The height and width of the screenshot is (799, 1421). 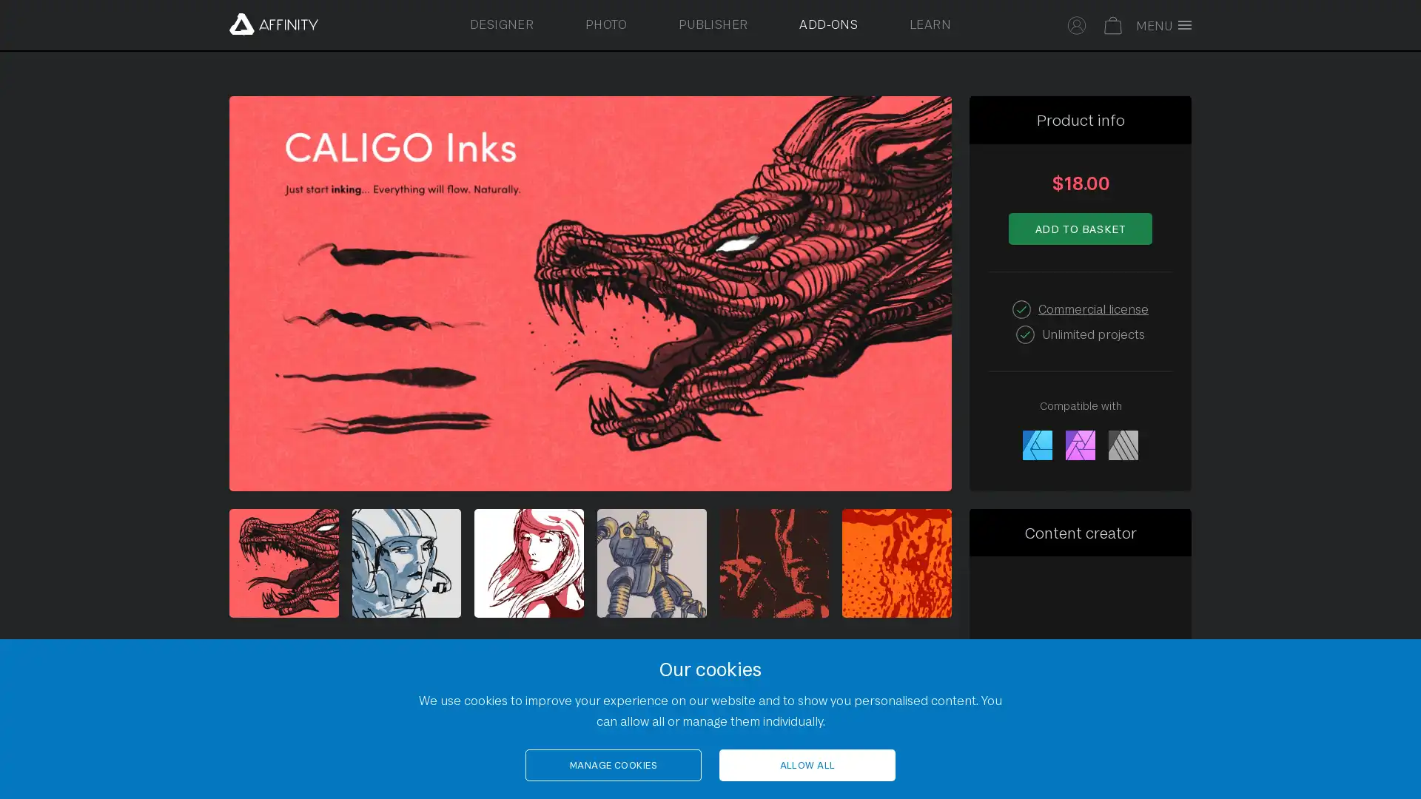 What do you see at coordinates (1167, 25) in the screenshot?
I see `Toggle full screen menu` at bounding box center [1167, 25].